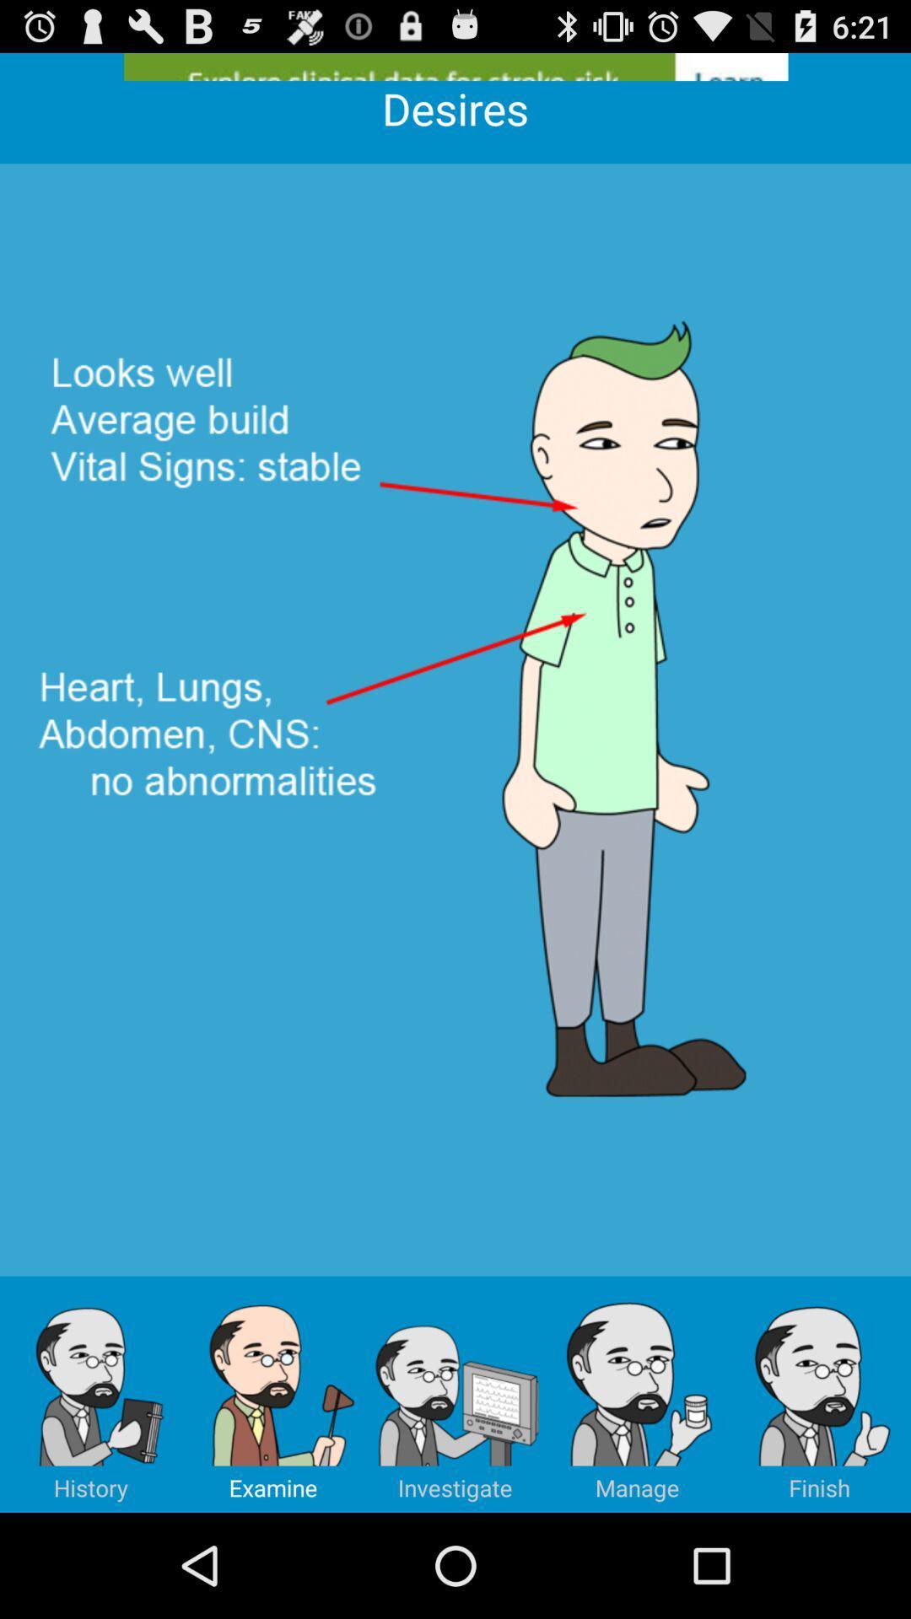  What do you see at coordinates (455, 1394) in the screenshot?
I see `the icon at the bottom` at bounding box center [455, 1394].